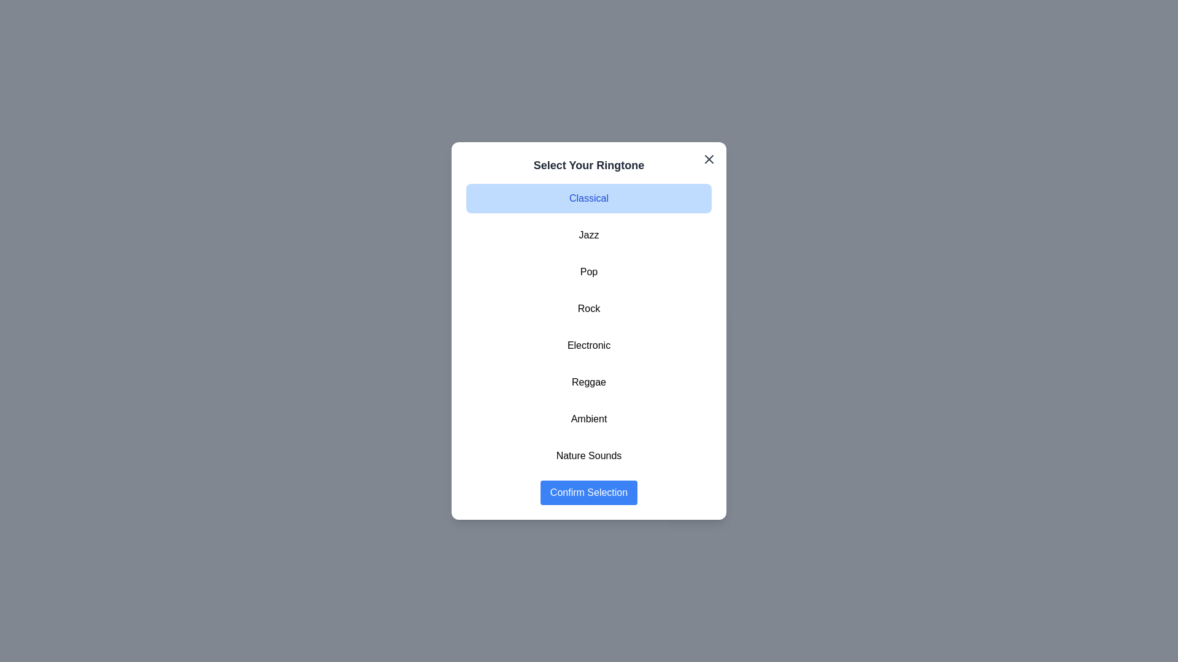 The image size is (1178, 662). What do you see at coordinates (589, 271) in the screenshot?
I see `the ringtone Pop from the list` at bounding box center [589, 271].